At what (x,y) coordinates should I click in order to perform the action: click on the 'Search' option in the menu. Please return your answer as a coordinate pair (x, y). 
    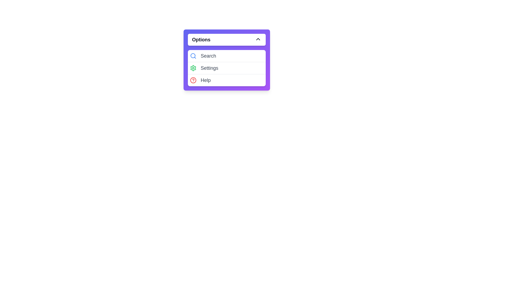
    Looking at the image, I should click on (227, 56).